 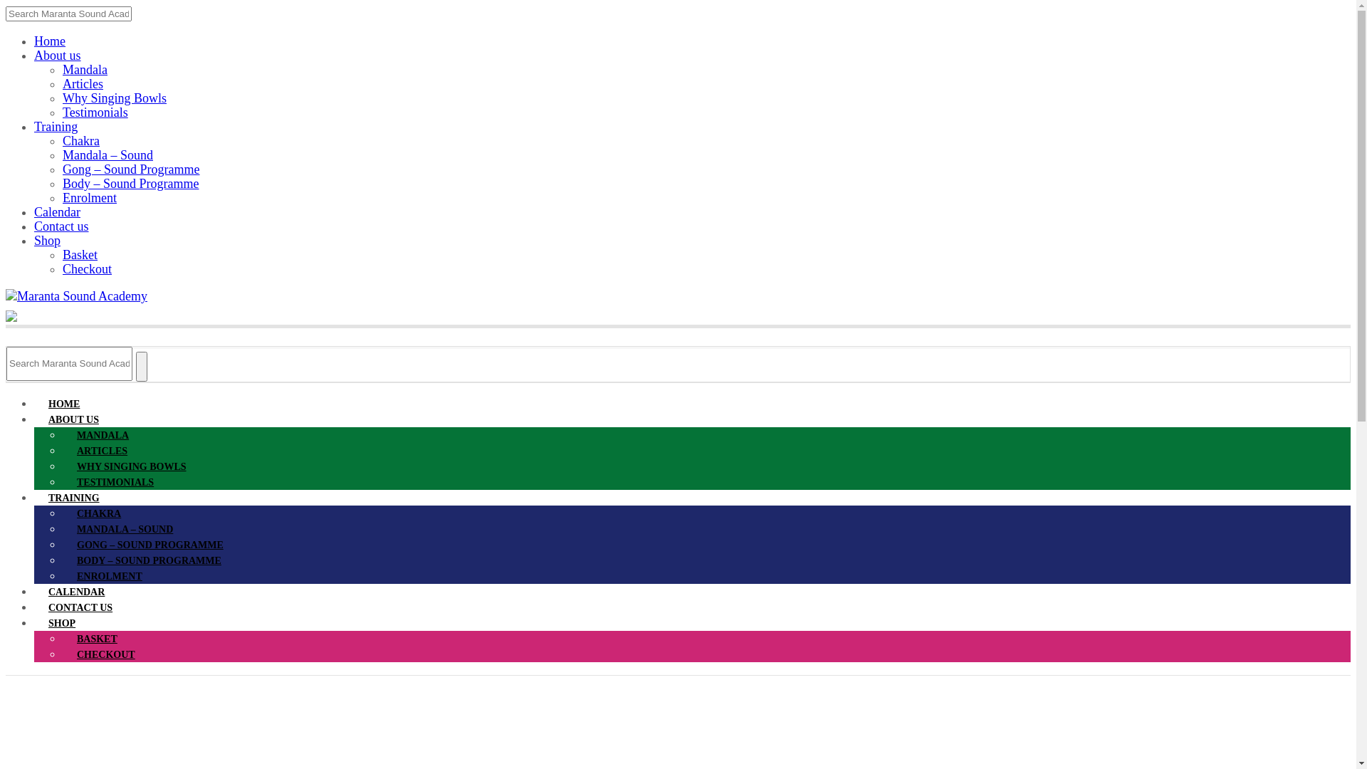 I want to click on 'CALENDAR', so click(x=75, y=592).